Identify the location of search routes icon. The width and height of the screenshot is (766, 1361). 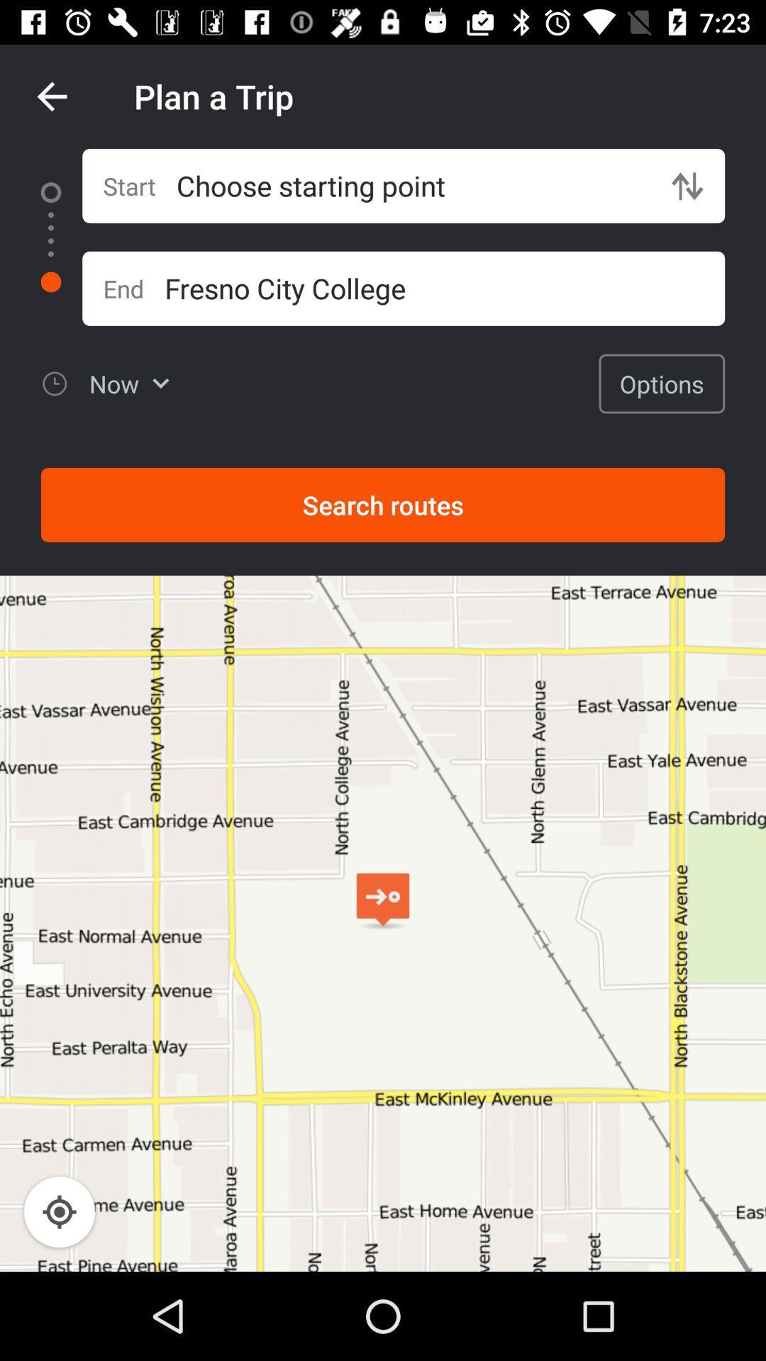
(383, 505).